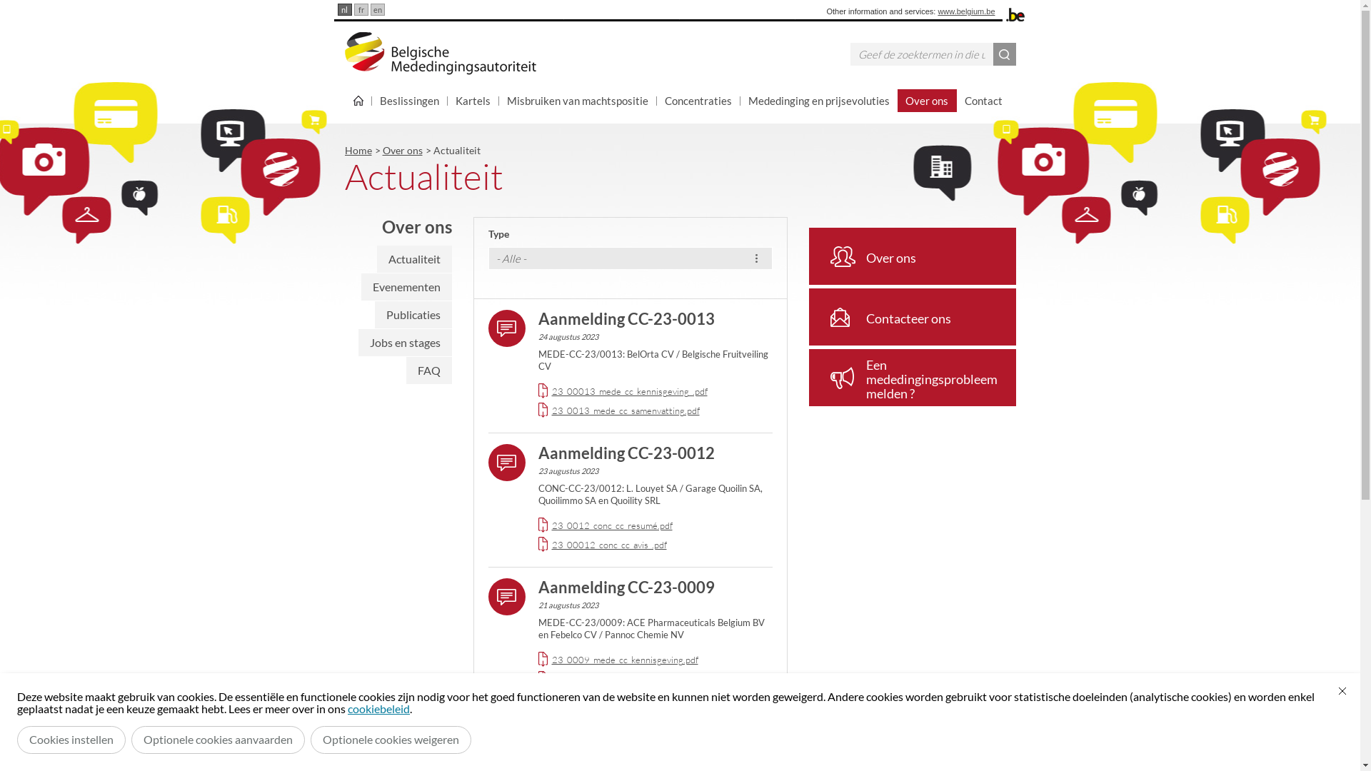 The height and width of the screenshot is (771, 1371). I want to click on '23_00012_conc_cc_avis_.pdf', so click(551, 545).